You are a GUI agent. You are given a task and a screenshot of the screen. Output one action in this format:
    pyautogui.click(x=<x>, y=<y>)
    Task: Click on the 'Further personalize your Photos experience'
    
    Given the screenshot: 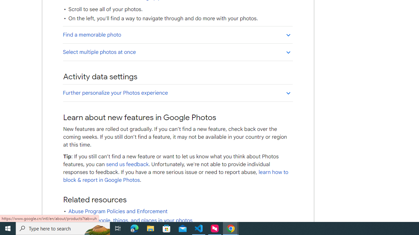 What is the action you would take?
    pyautogui.click(x=177, y=93)
    